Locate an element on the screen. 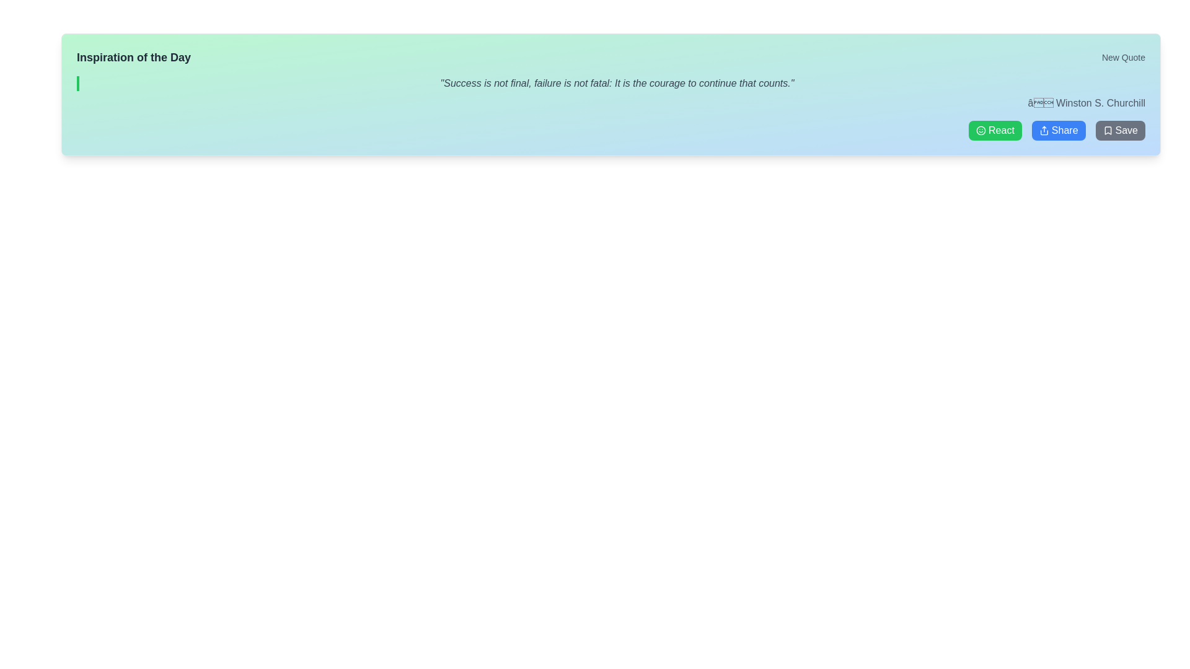 The image size is (1190, 669). the second button in a group of three buttons, located to the right of the 'React' button and to the left of the 'Save' button is located at coordinates (1058, 131).